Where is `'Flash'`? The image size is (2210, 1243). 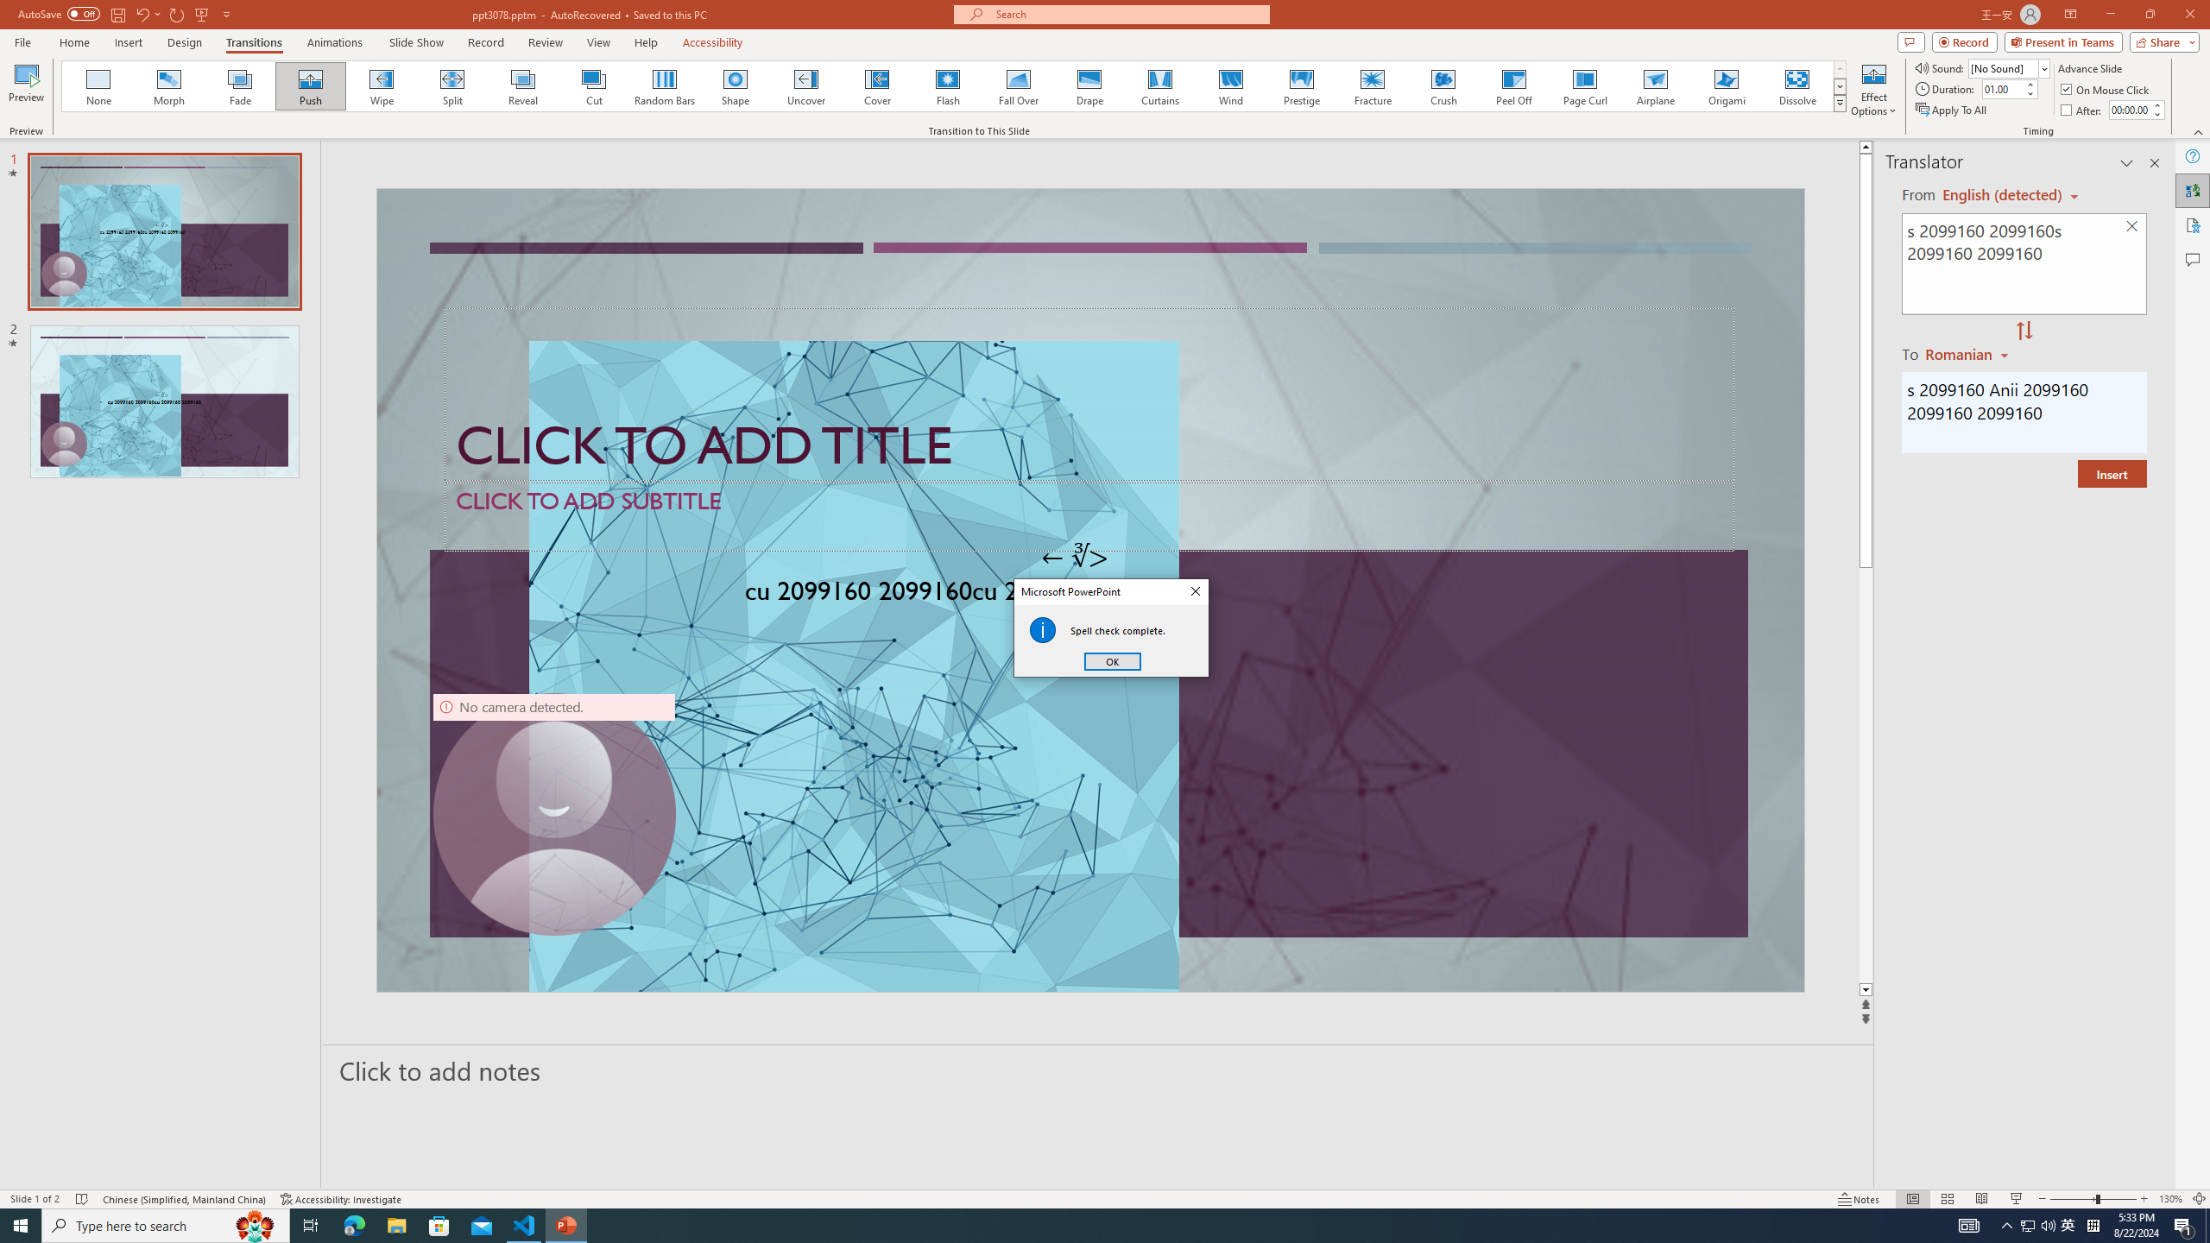
'Flash' is located at coordinates (947, 85).